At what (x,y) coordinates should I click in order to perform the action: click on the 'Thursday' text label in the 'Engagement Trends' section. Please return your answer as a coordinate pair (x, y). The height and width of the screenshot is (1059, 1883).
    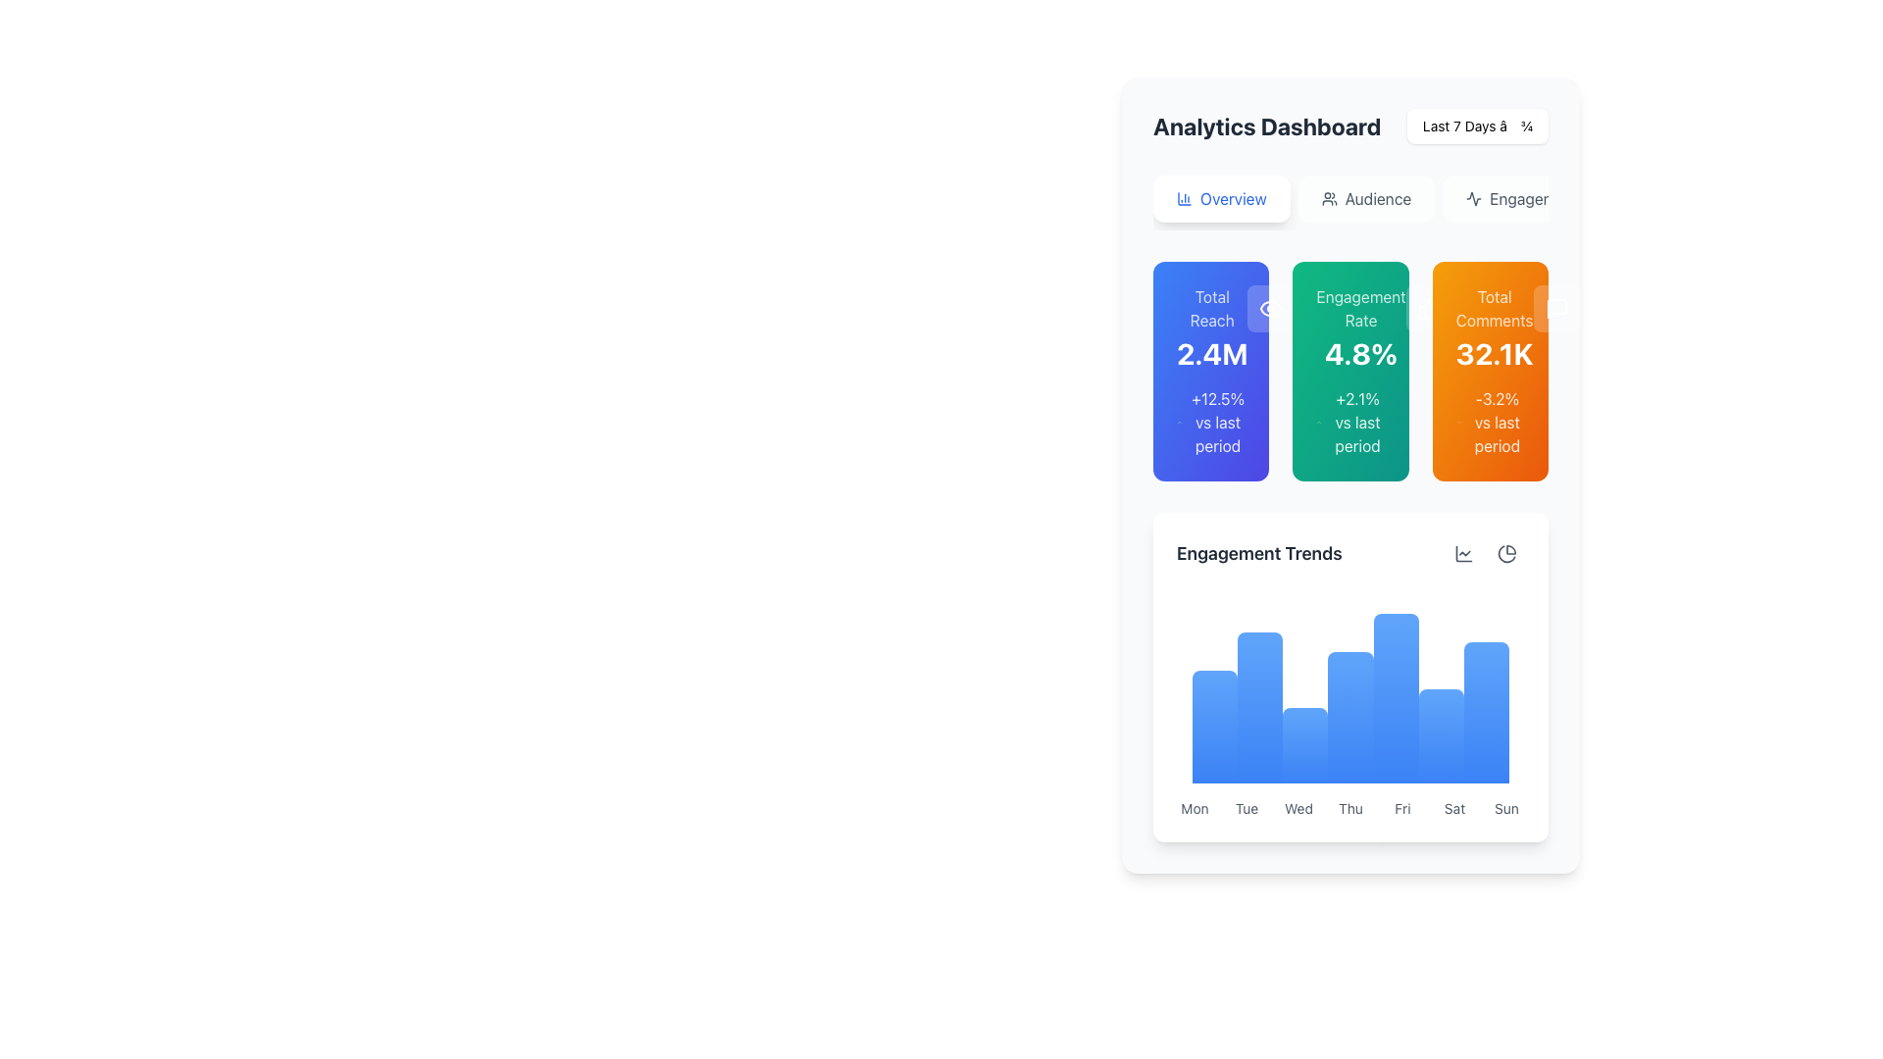
    Looking at the image, I should click on (1349, 809).